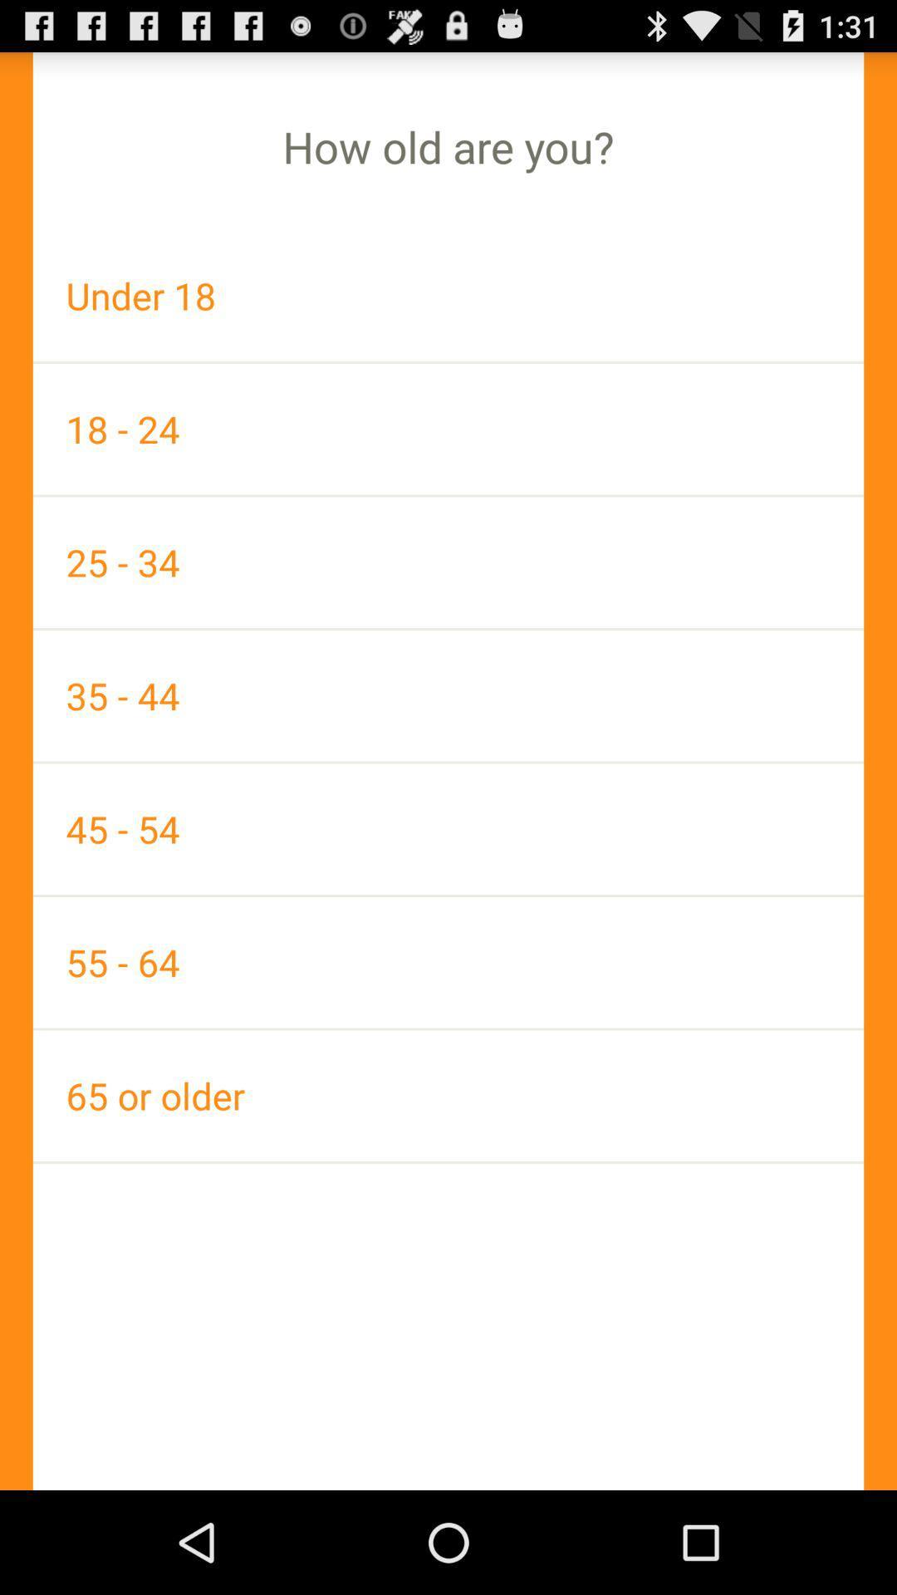 This screenshot has width=897, height=1595. Describe the element at coordinates (448, 829) in the screenshot. I see `icon below 35 - 44 item` at that location.